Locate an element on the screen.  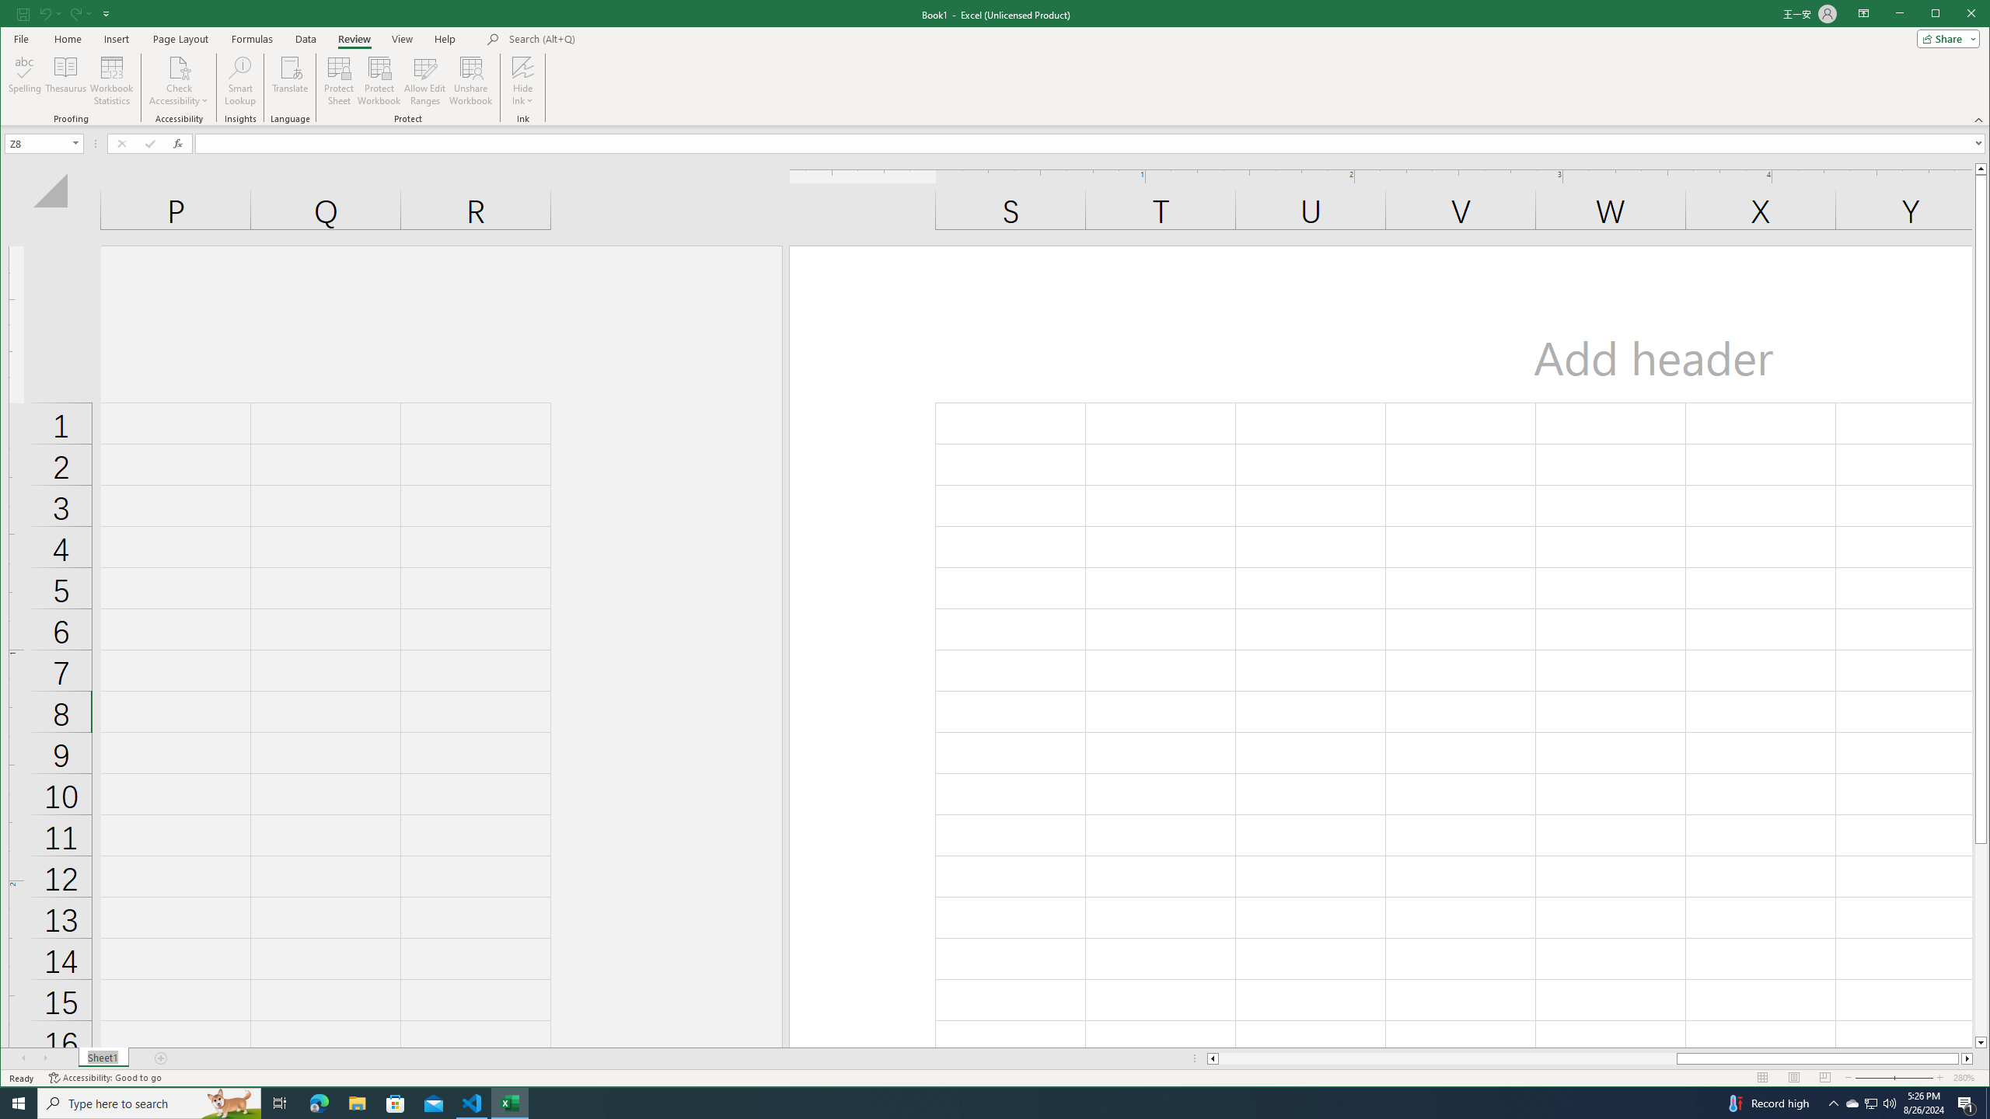
'Microsoft Edge' is located at coordinates (318, 1102).